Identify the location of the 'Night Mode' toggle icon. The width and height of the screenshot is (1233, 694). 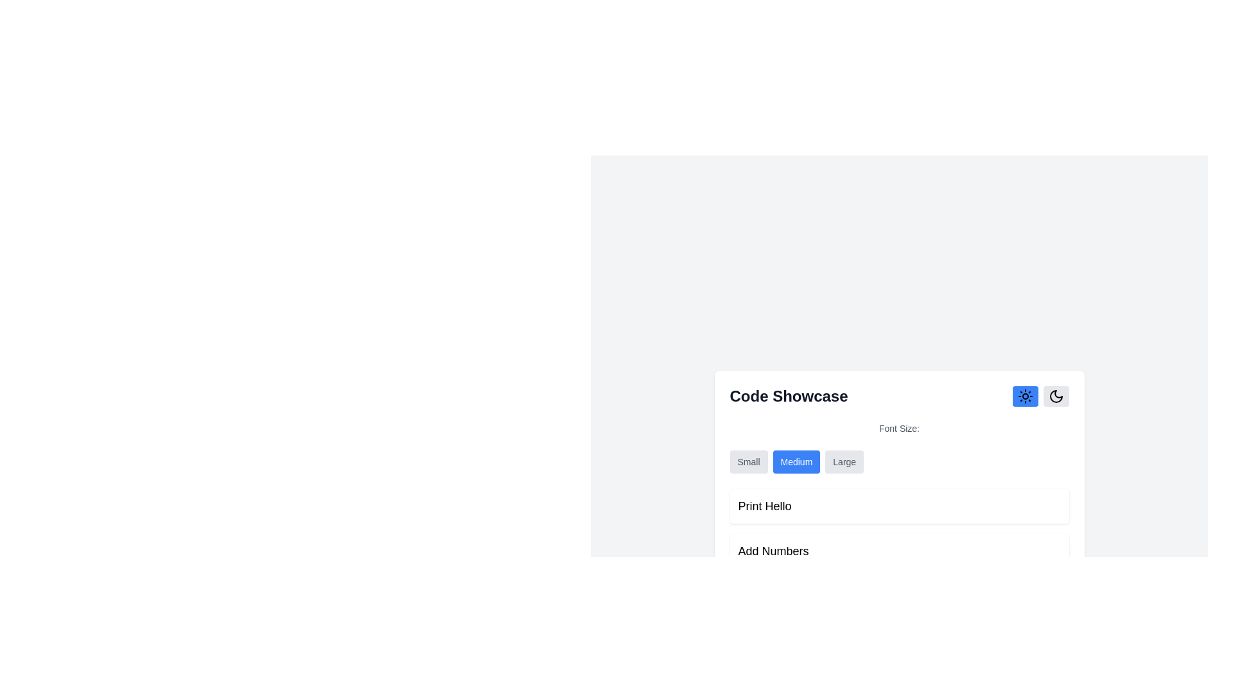
(1056, 396).